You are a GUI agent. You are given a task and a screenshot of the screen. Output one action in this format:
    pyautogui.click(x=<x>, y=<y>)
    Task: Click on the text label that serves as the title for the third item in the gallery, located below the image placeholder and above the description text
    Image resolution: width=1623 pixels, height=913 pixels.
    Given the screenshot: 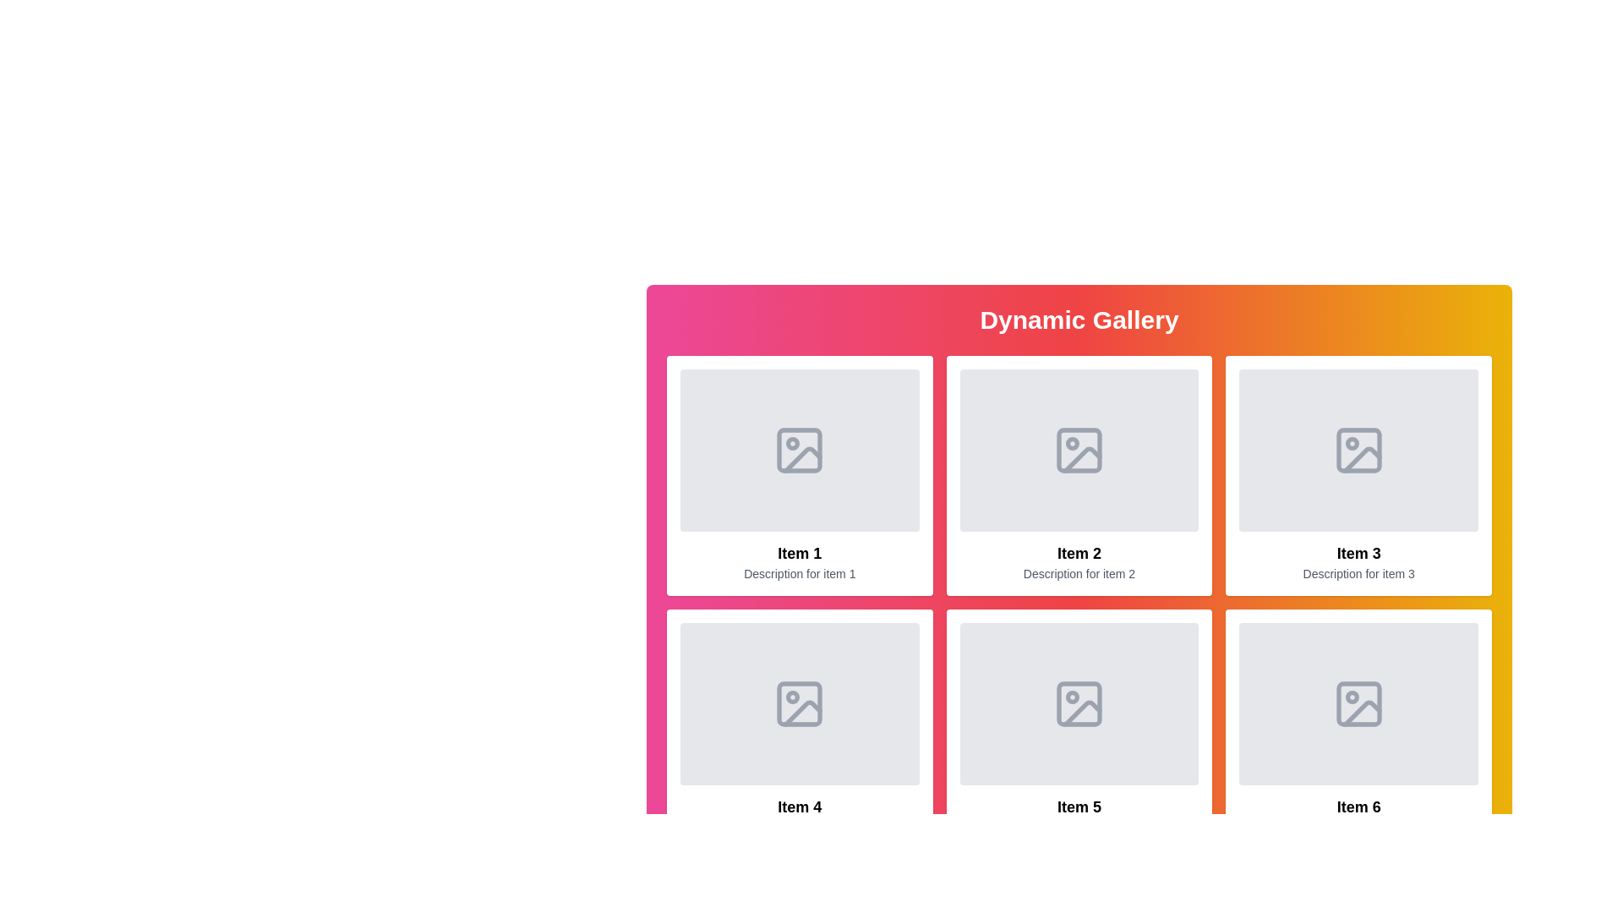 What is the action you would take?
    pyautogui.click(x=1358, y=554)
    